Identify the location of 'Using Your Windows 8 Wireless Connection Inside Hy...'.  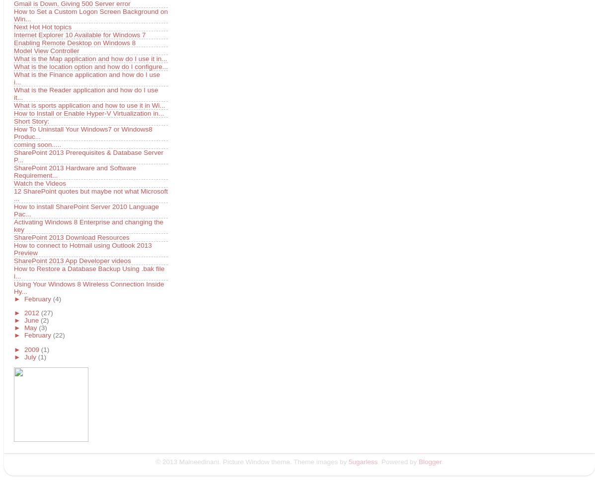
(88, 287).